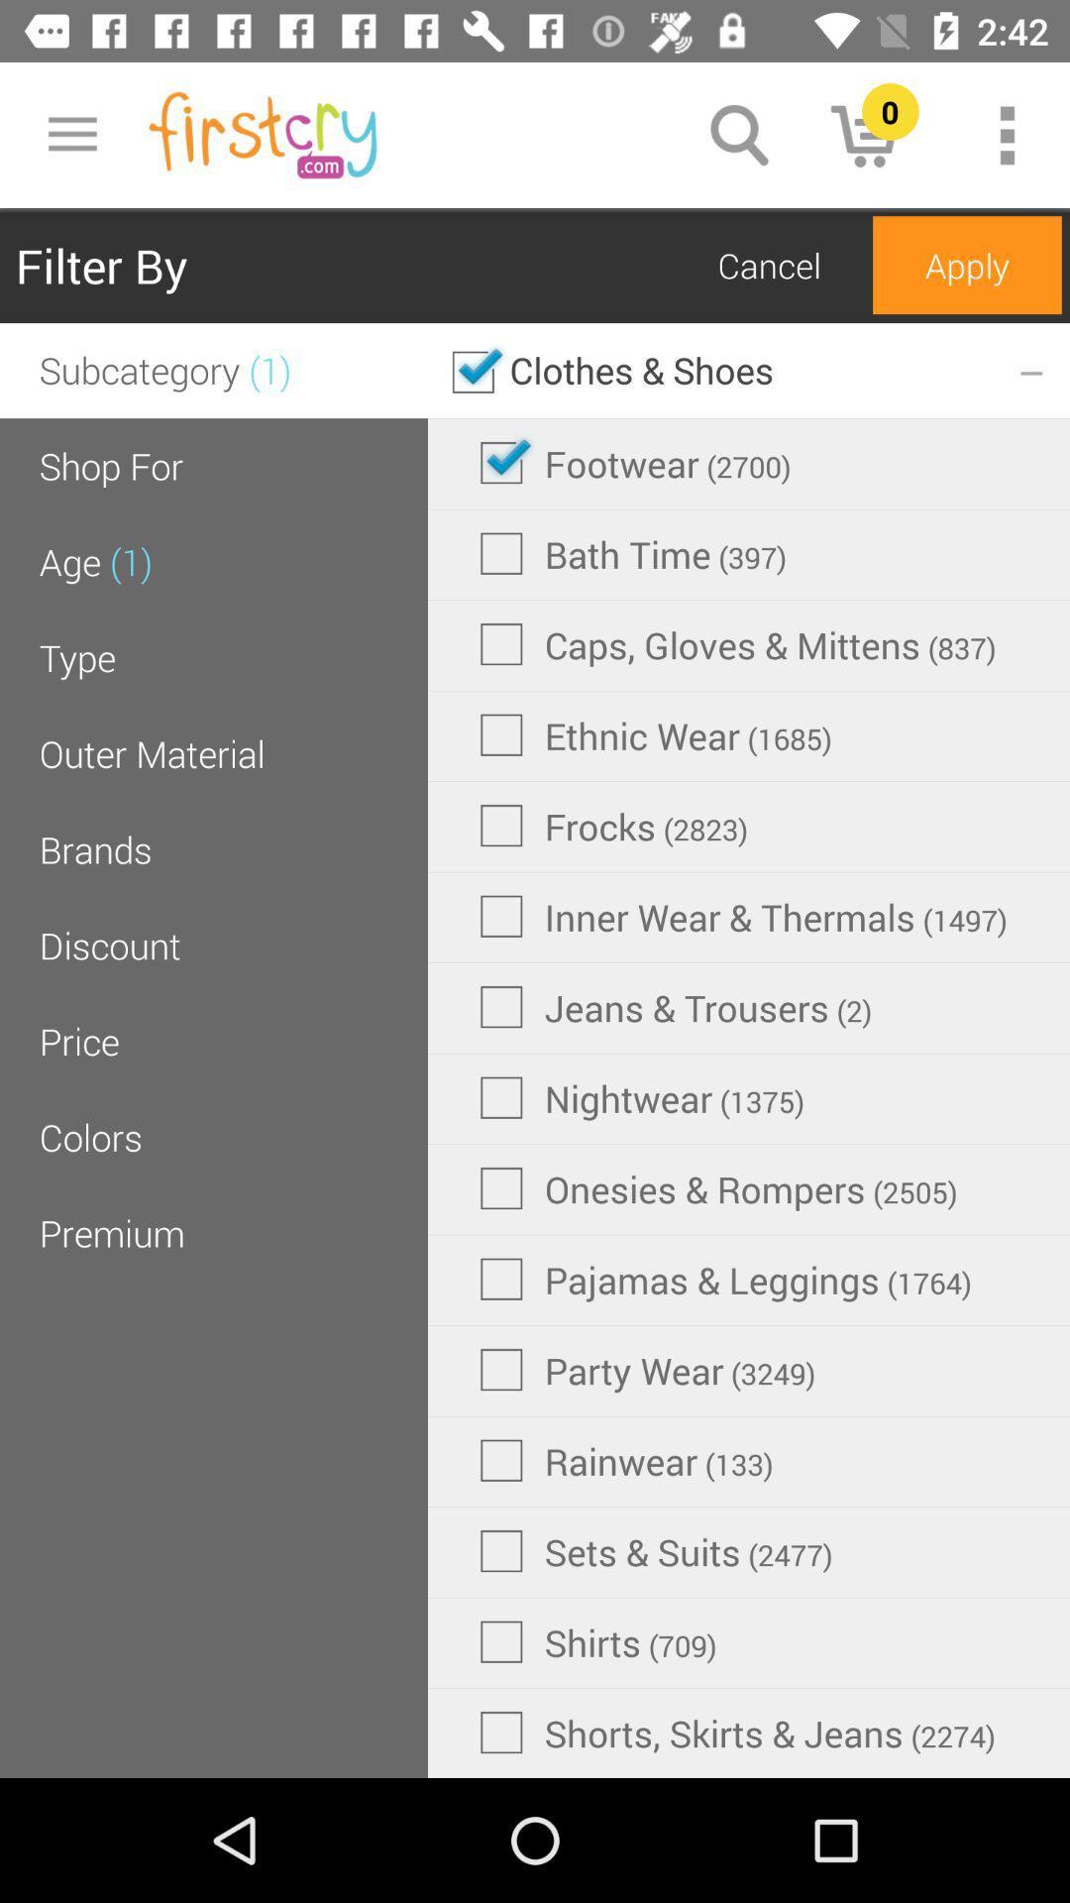  I want to click on the premium item, so click(112, 1232).